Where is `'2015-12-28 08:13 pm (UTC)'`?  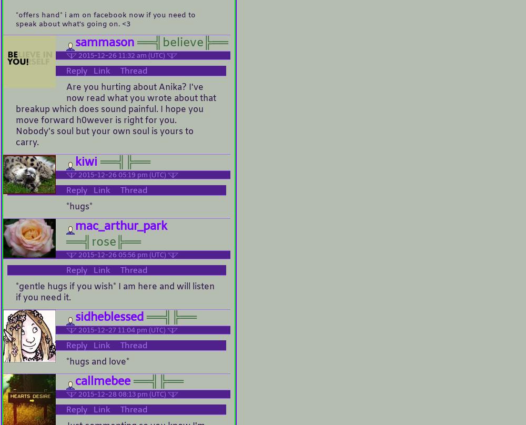
'2015-12-28 08:13 pm (UTC)' is located at coordinates (122, 393).